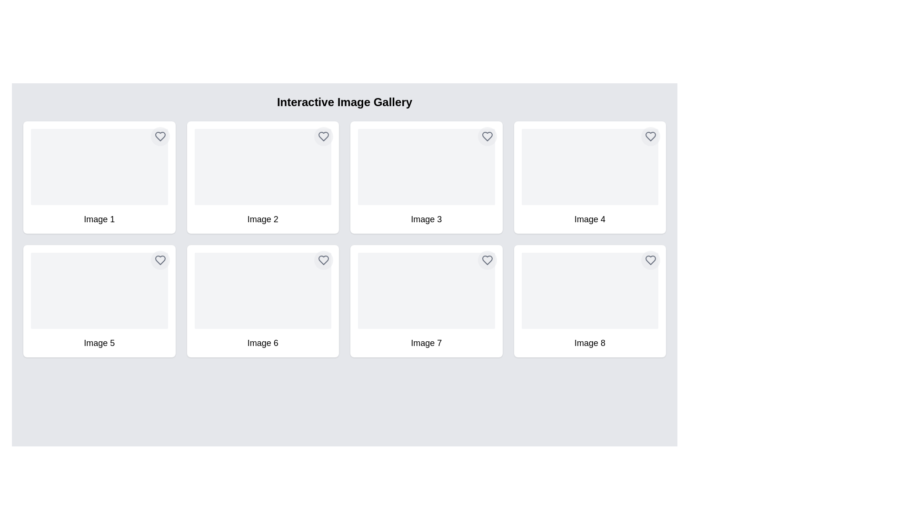 The image size is (914, 514). What do you see at coordinates (160, 136) in the screenshot?
I see `the heart-shaped button with a translucent white background and gray border to mark the item as favorite, located near the top-right corner of 'Image 1'` at bounding box center [160, 136].